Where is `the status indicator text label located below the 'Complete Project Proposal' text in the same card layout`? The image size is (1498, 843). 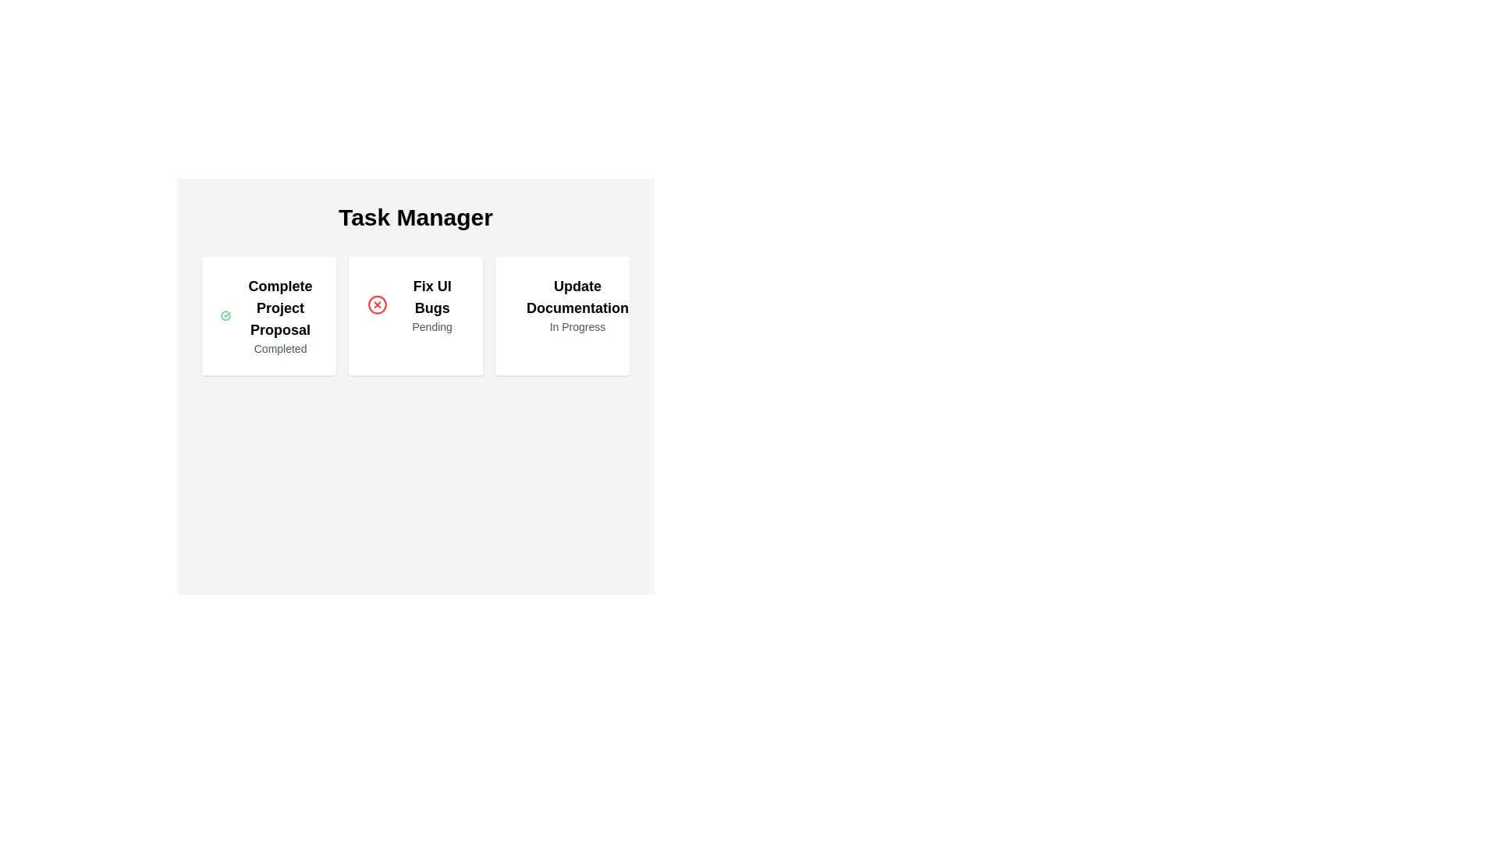 the status indicator text label located below the 'Complete Project Proposal' text in the same card layout is located at coordinates (280, 348).